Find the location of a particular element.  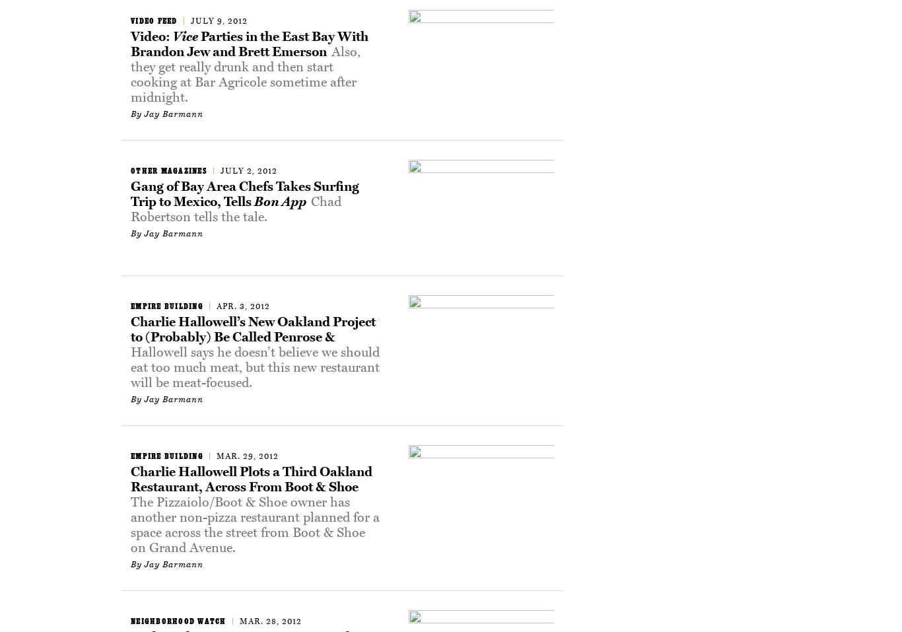

'Charlie Hallowell Plots a Third Oakland Restaurant, Across From Boot & Shoe' is located at coordinates (250, 479).